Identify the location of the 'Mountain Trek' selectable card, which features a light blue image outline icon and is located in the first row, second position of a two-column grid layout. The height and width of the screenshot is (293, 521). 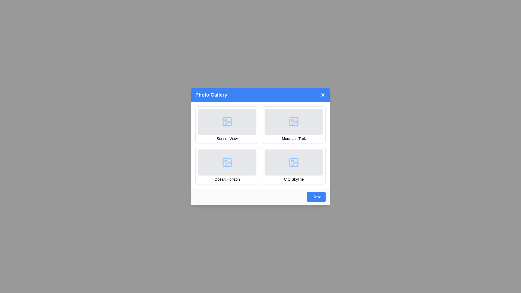
(294, 125).